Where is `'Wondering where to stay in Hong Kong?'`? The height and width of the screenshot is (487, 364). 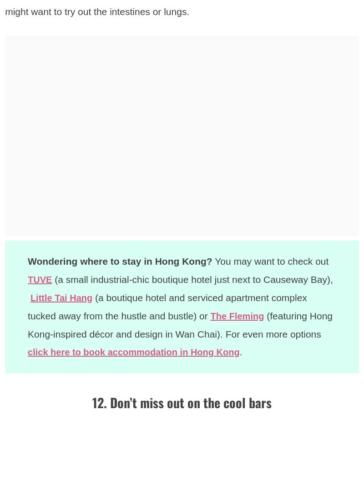
'Wondering where to stay in Hong Kong?' is located at coordinates (119, 261).